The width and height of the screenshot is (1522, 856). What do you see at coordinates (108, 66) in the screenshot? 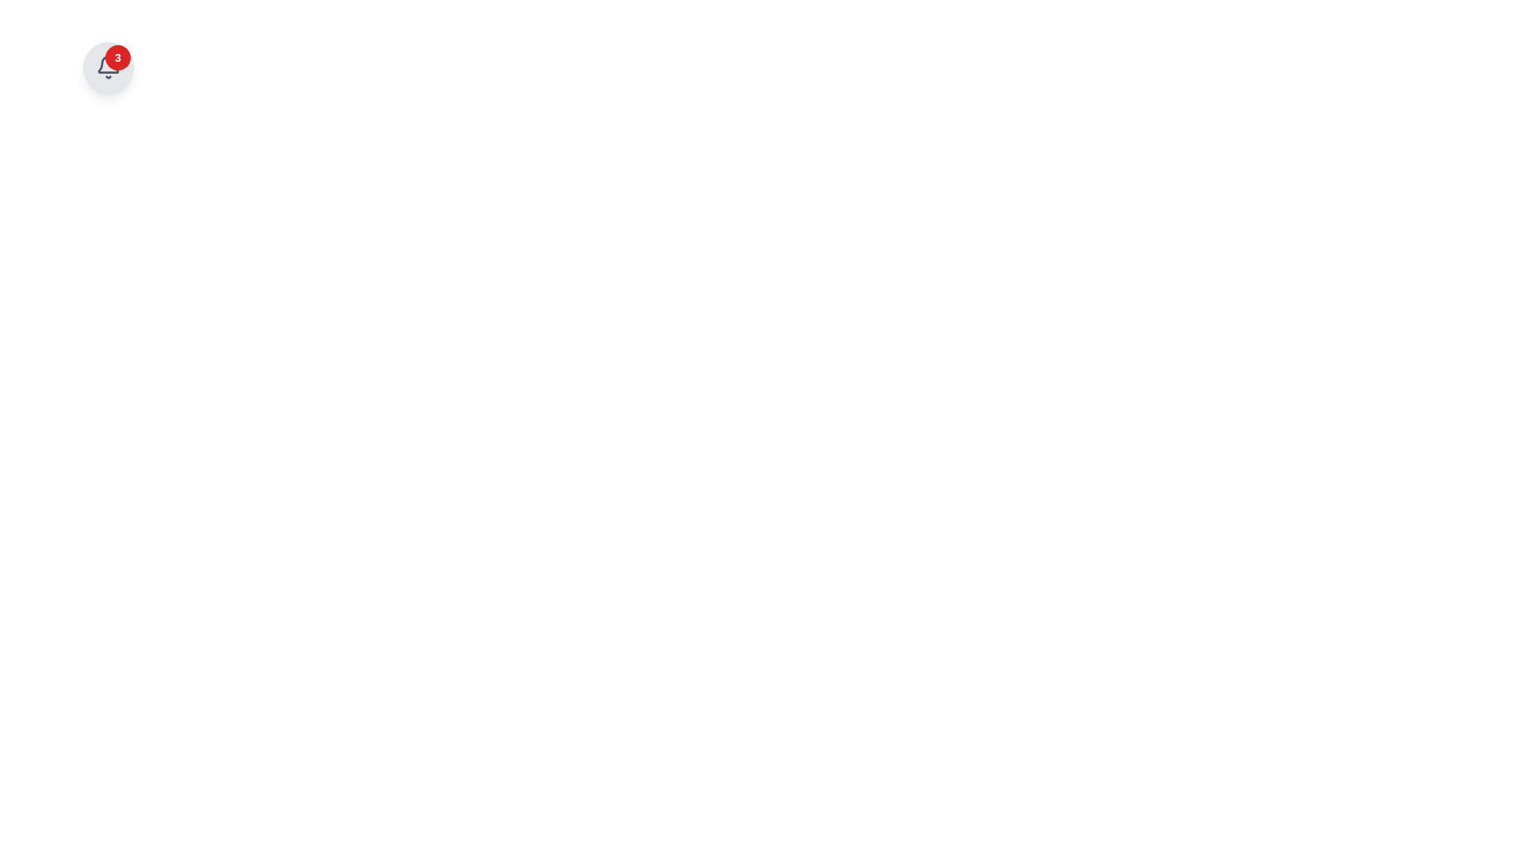
I see `displayed number on the Notification Badge, which is a gray circular badge with a bell icon and a red circular badge showing the count '3'` at bounding box center [108, 66].